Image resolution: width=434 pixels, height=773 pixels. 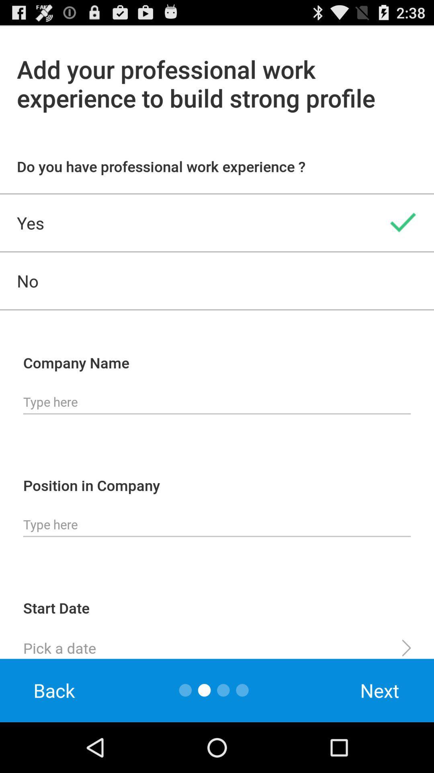 I want to click on the next button at bottom right corner of page, so click(x=380, y=690).